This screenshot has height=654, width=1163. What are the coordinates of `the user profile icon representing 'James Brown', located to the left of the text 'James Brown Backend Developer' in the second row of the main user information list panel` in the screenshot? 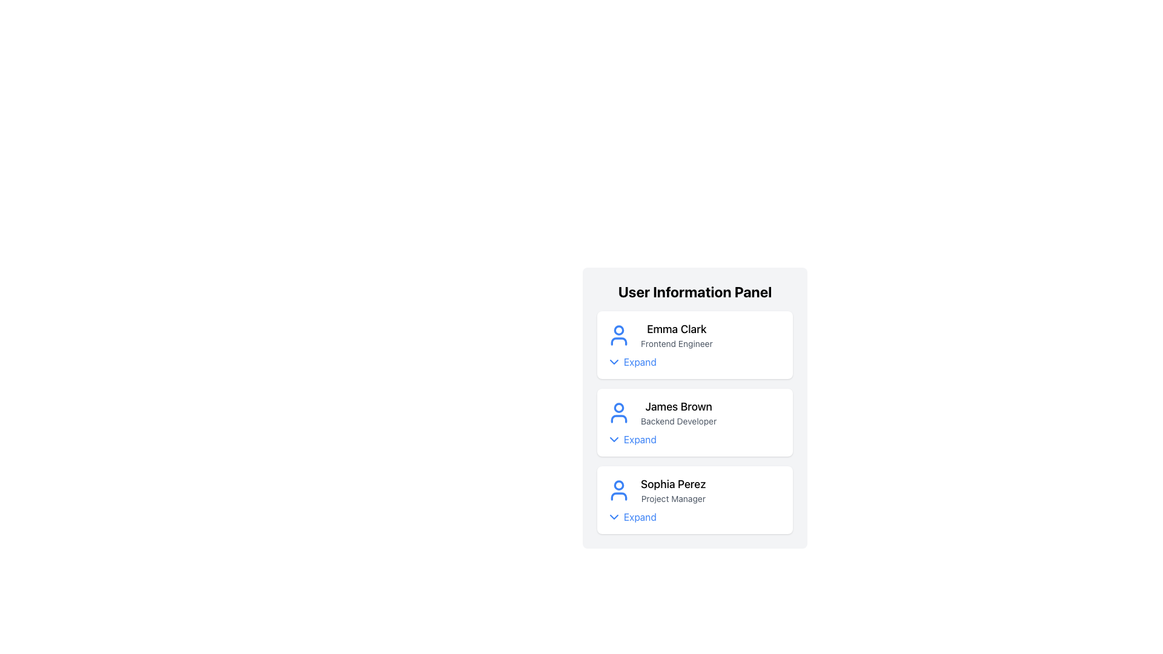 It's located at (619, 412).